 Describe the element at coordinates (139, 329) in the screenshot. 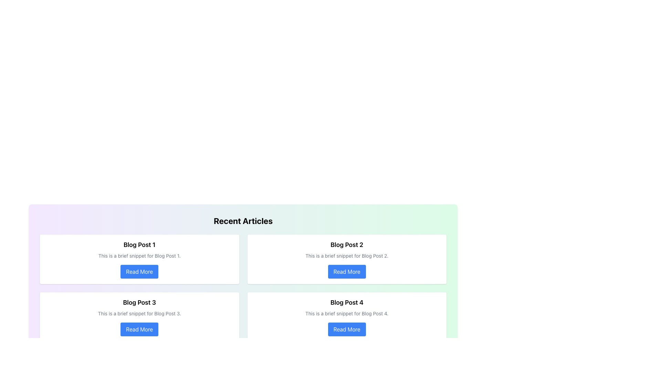

I see `the 'Blog Post 3' button located in the bottom-left quarter of the layout` at that location.